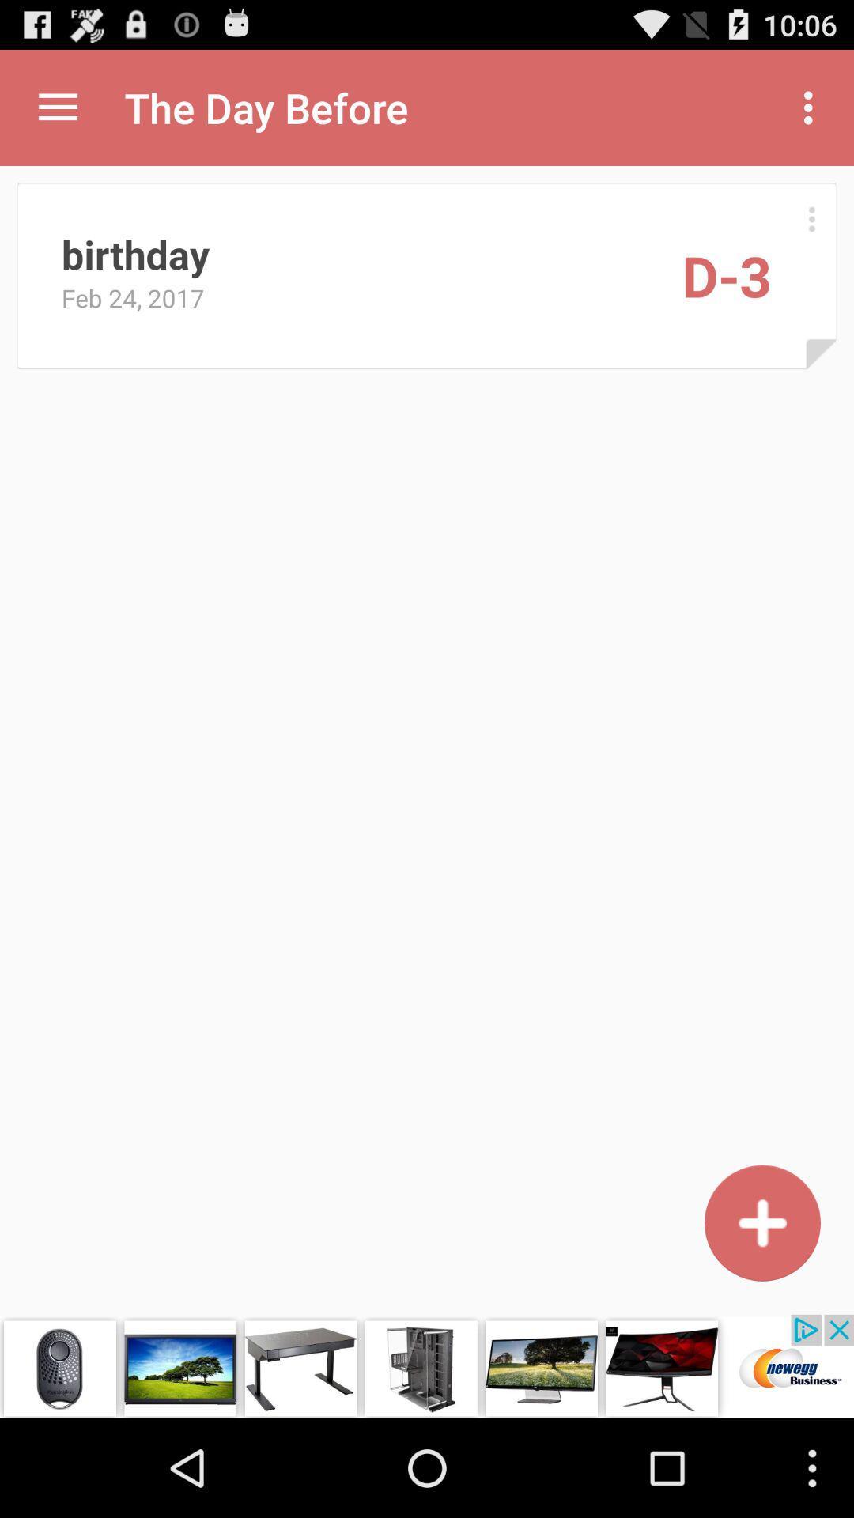  I want to click on select option, so click(811, 218).